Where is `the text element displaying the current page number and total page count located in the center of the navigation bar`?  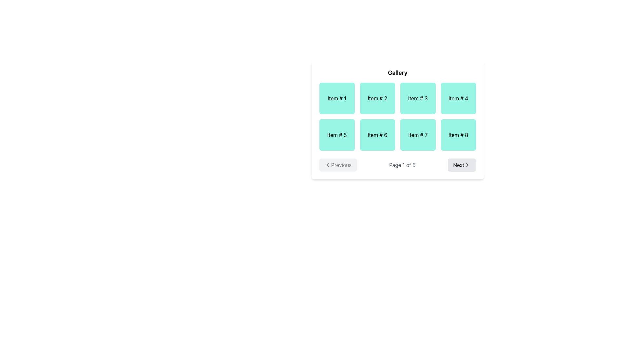
the text element displaying the current page number and total page count located in the center of the navigation bar is located at coordinates (402, 165).